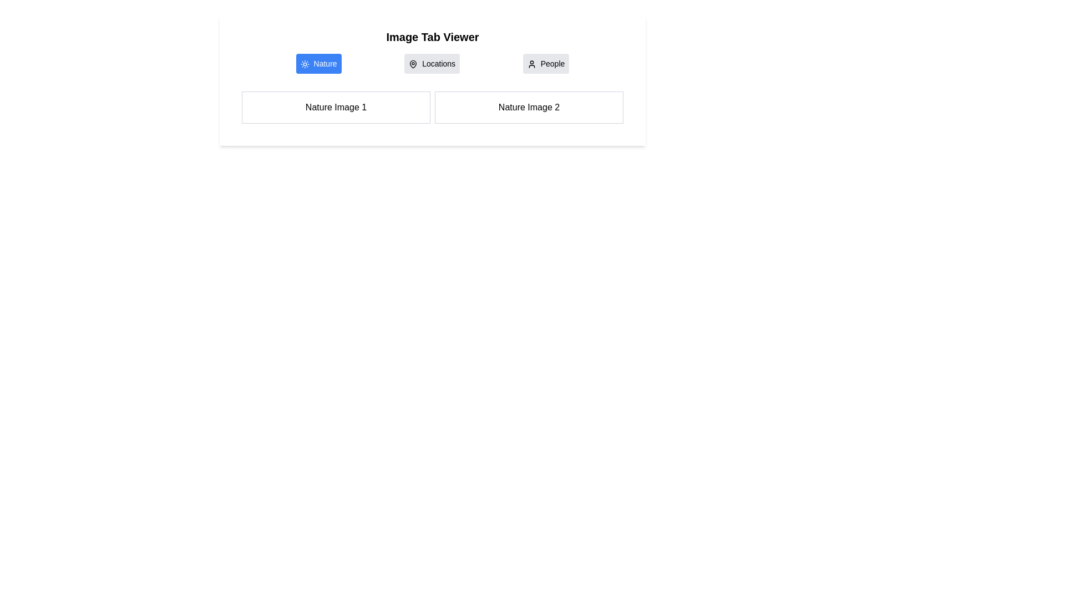 The height and width of the screenshot is (599, 1065). I want to click on the user icon associated with the 'People' button, which is located on the left side of the button in a group of three buttons, so click(531, 64).